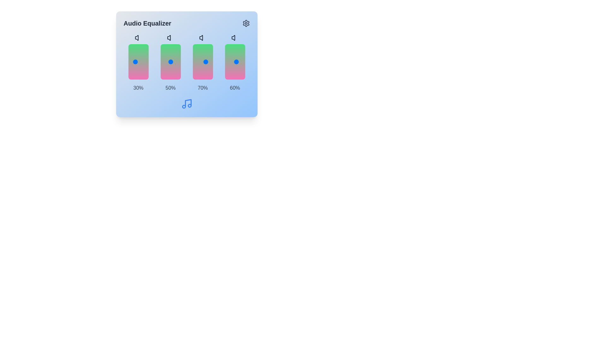  What do you see at coordinates (186, 103) in the screenshot?
I see `the music icon at the bottom center of the component` at bounding box center [186, 103].